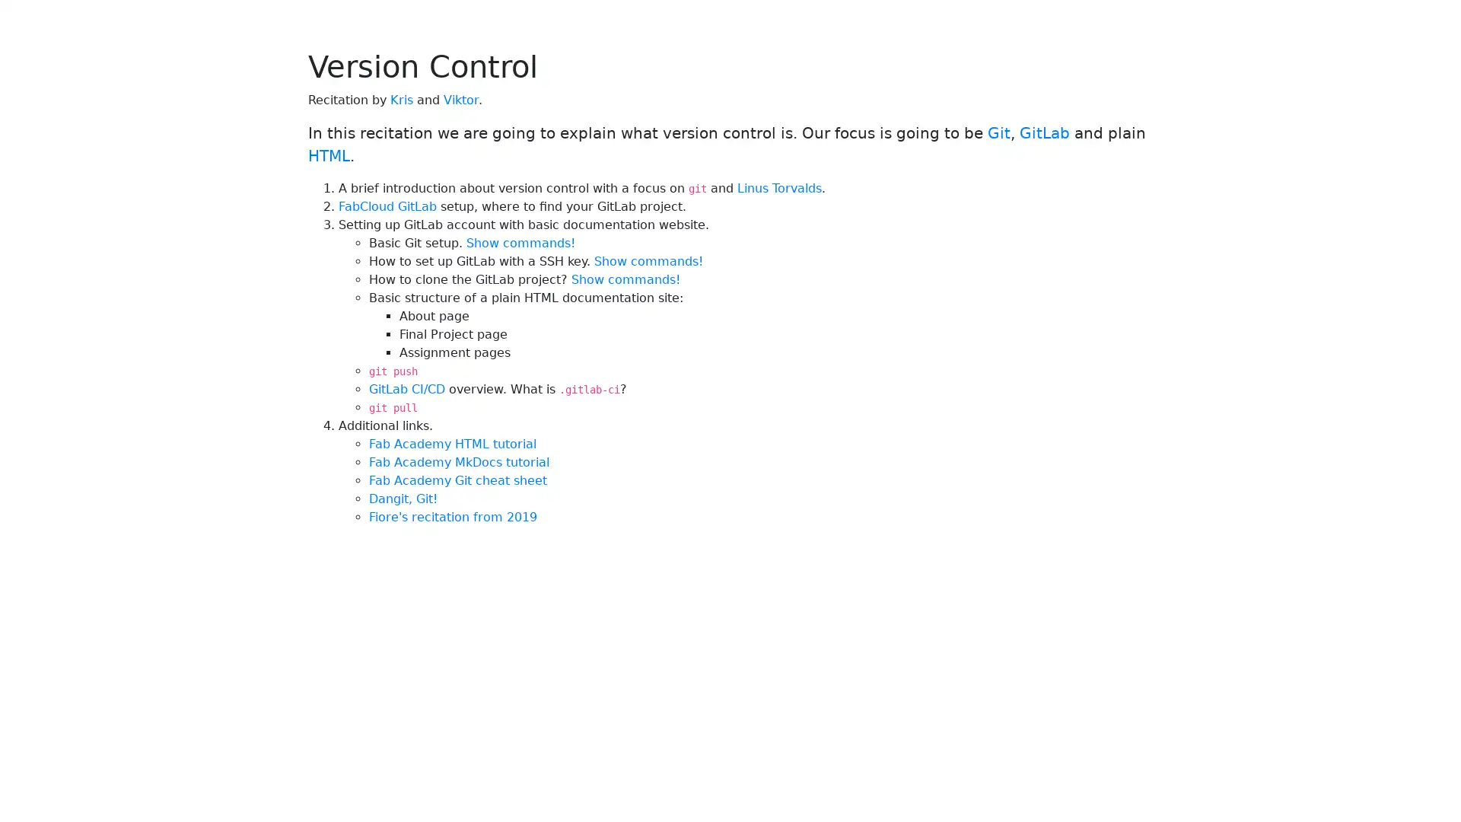 This screenshot has height=822, width=1461. What do you see at coordinates (625, 279) in the screenshot?
I see `Show commands!` at bounding box center [625, 279].